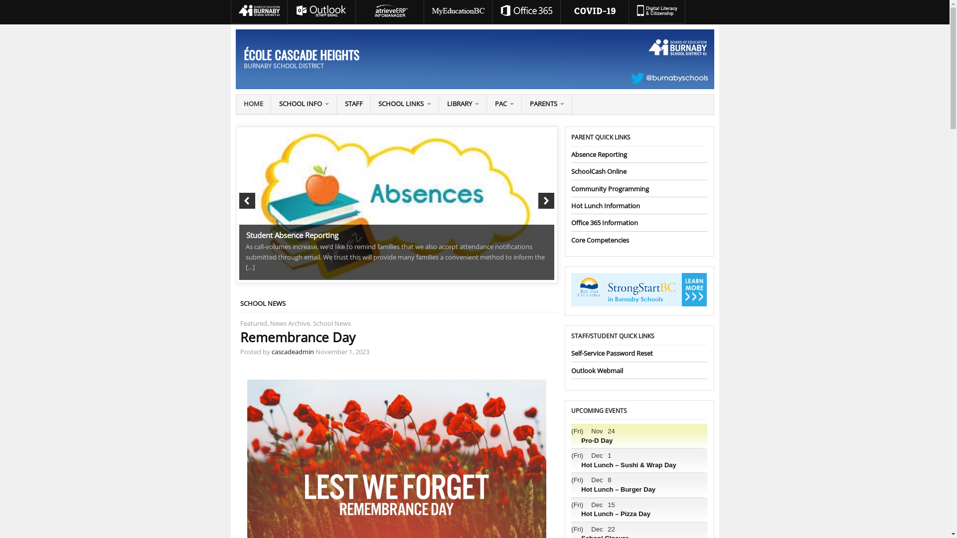 This screenshot has width=957, height=538. What do you see at coordinates (240, 323) in the screenshot?
I see `'Featured'` at bounding box center [240, 323].